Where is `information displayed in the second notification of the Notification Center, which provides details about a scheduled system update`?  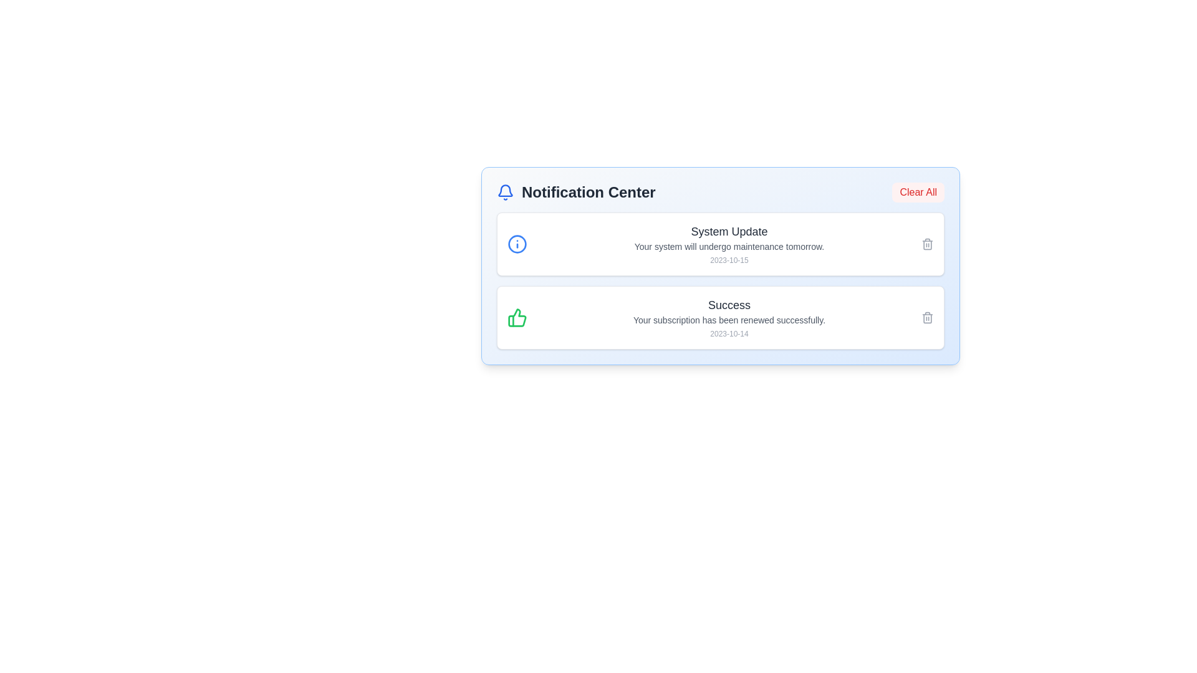 information displayed in the second notification of the Notification Center, which provides details about a scheduled system update is located at coordinates (729, 244).